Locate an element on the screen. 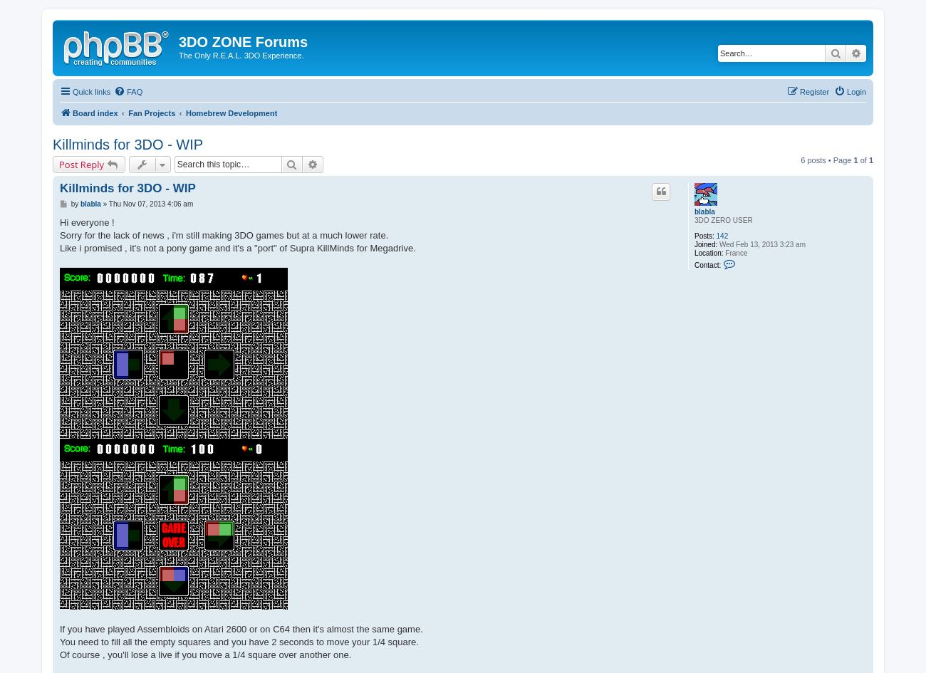  'Contact:' is located at coordinates (693, 264).